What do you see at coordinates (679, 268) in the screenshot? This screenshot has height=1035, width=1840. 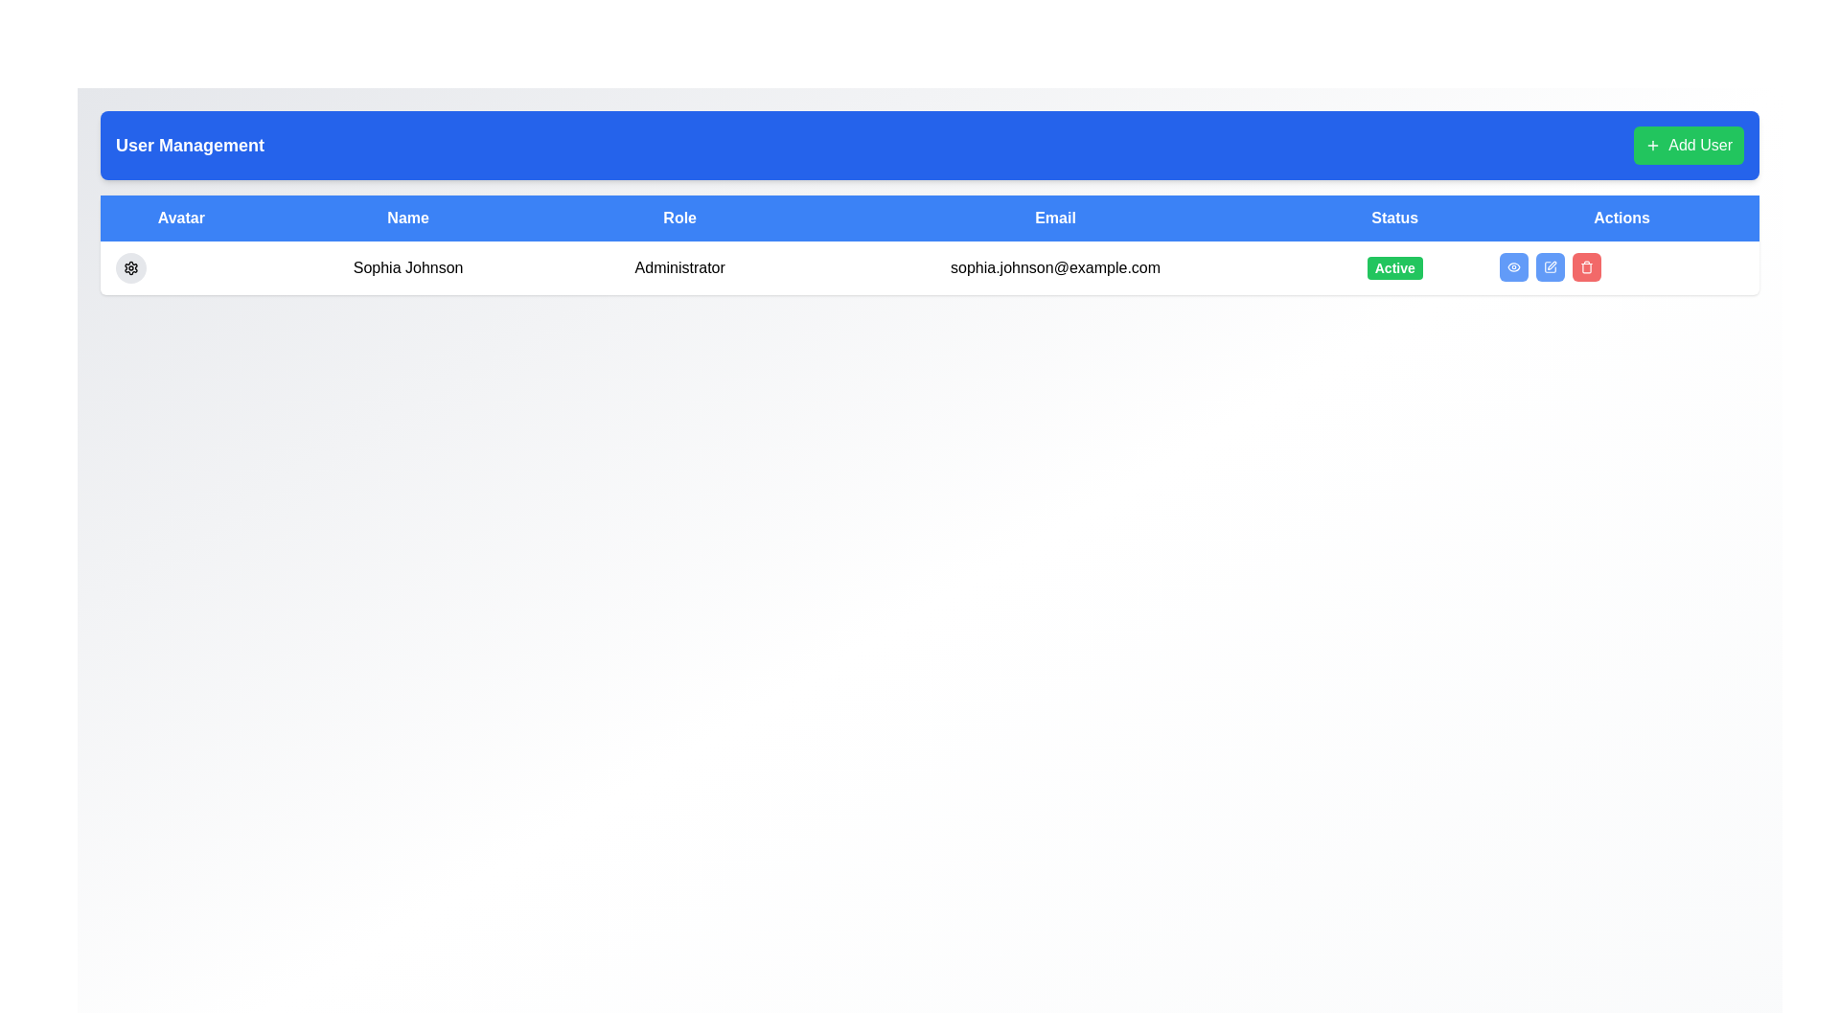 I see `the 'Role' text label for the user 'Sophia Johnson' to read the text` at bounding box center [679, 268].